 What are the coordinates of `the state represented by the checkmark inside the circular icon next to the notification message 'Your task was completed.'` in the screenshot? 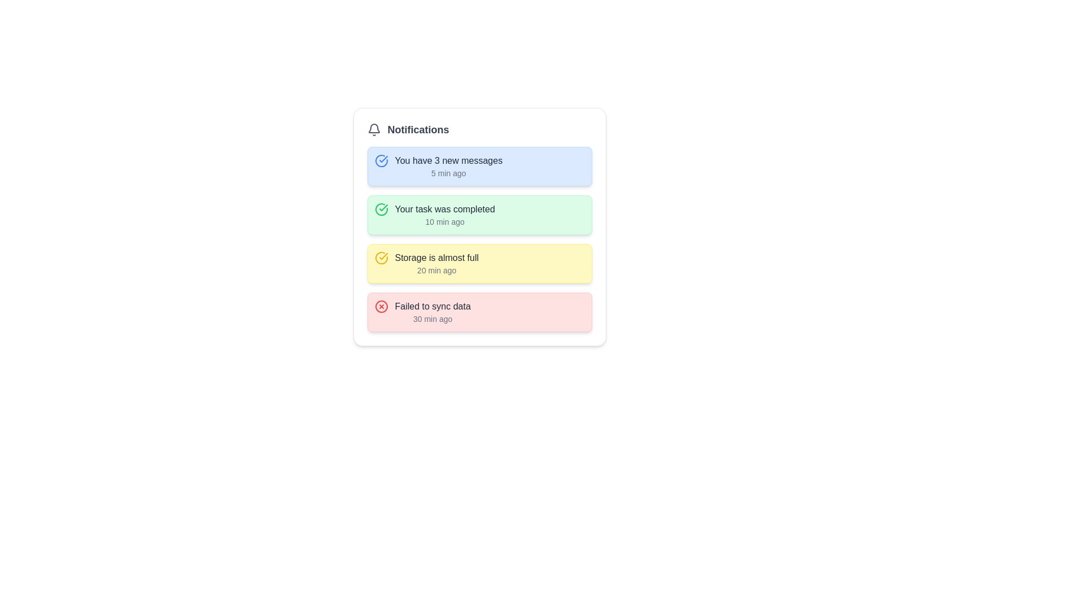 It's located at (383, 159).